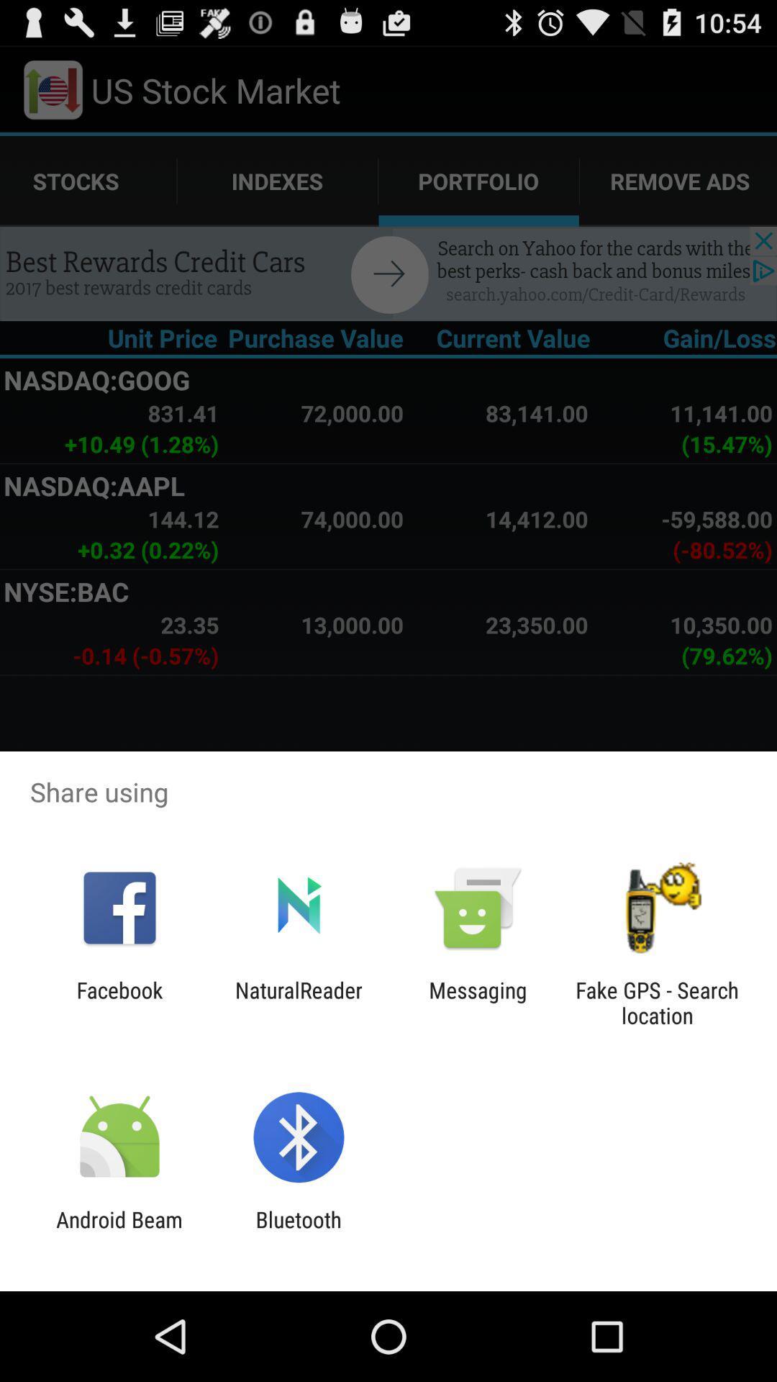 Image resolution: width=777 pixels, height=1382 pixels. What do you see at coordinates (298, 1002) in the screenshot?
I see `app to the left of the messaging item` at bounding box center [298, 1002].